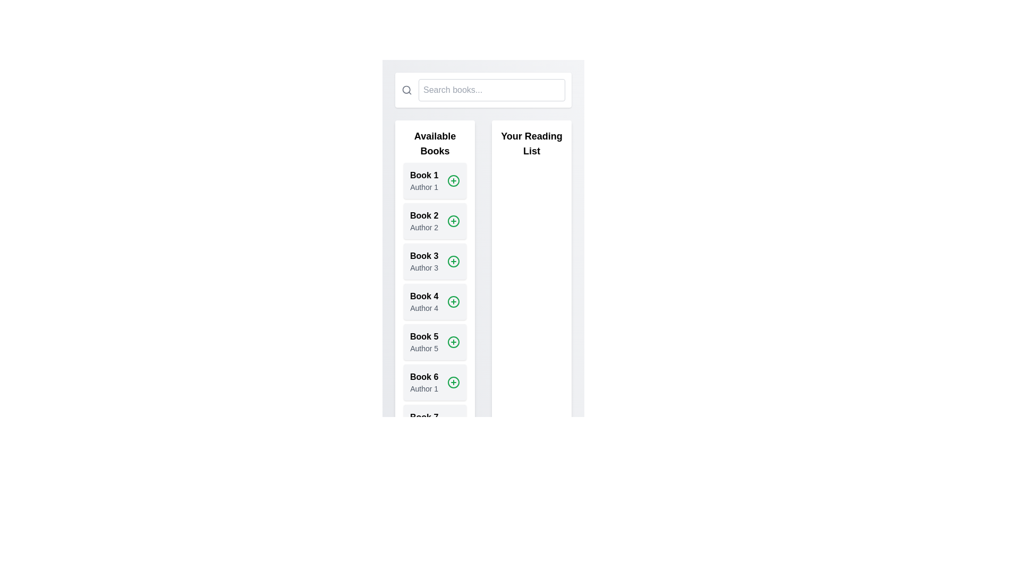 The image size is (1020, 573). I want to click on the bold-styled text label reading 'Book 1', which is the first item in the 'Available Books' list, so click(423, 175).